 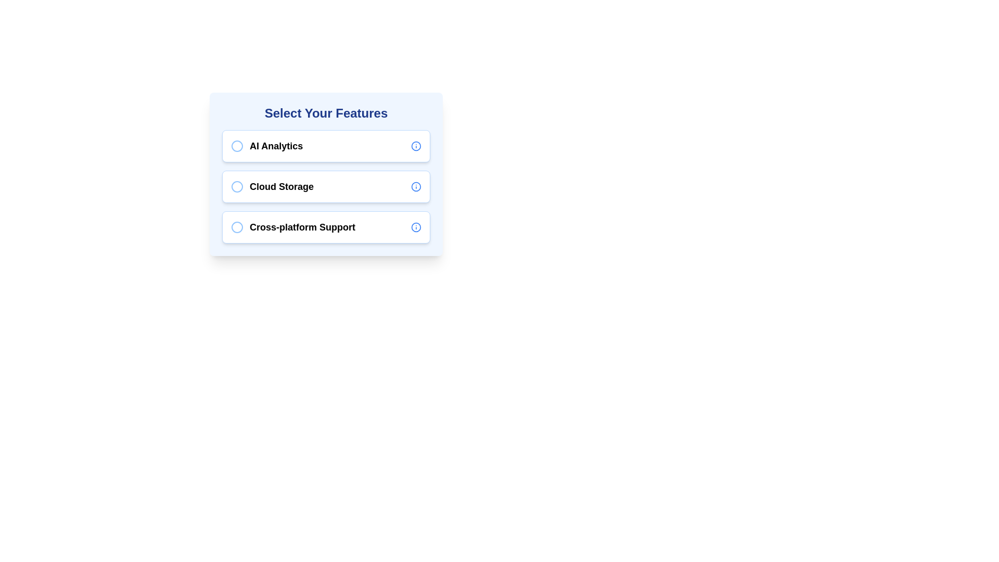 What do you see at coordinates (326, 146) in the screenshot?
I see `the radio button for the 'AI Analytics' feature, which is the first option in a vertically stacked layout of selectable items` at bounding box center [326, 146].